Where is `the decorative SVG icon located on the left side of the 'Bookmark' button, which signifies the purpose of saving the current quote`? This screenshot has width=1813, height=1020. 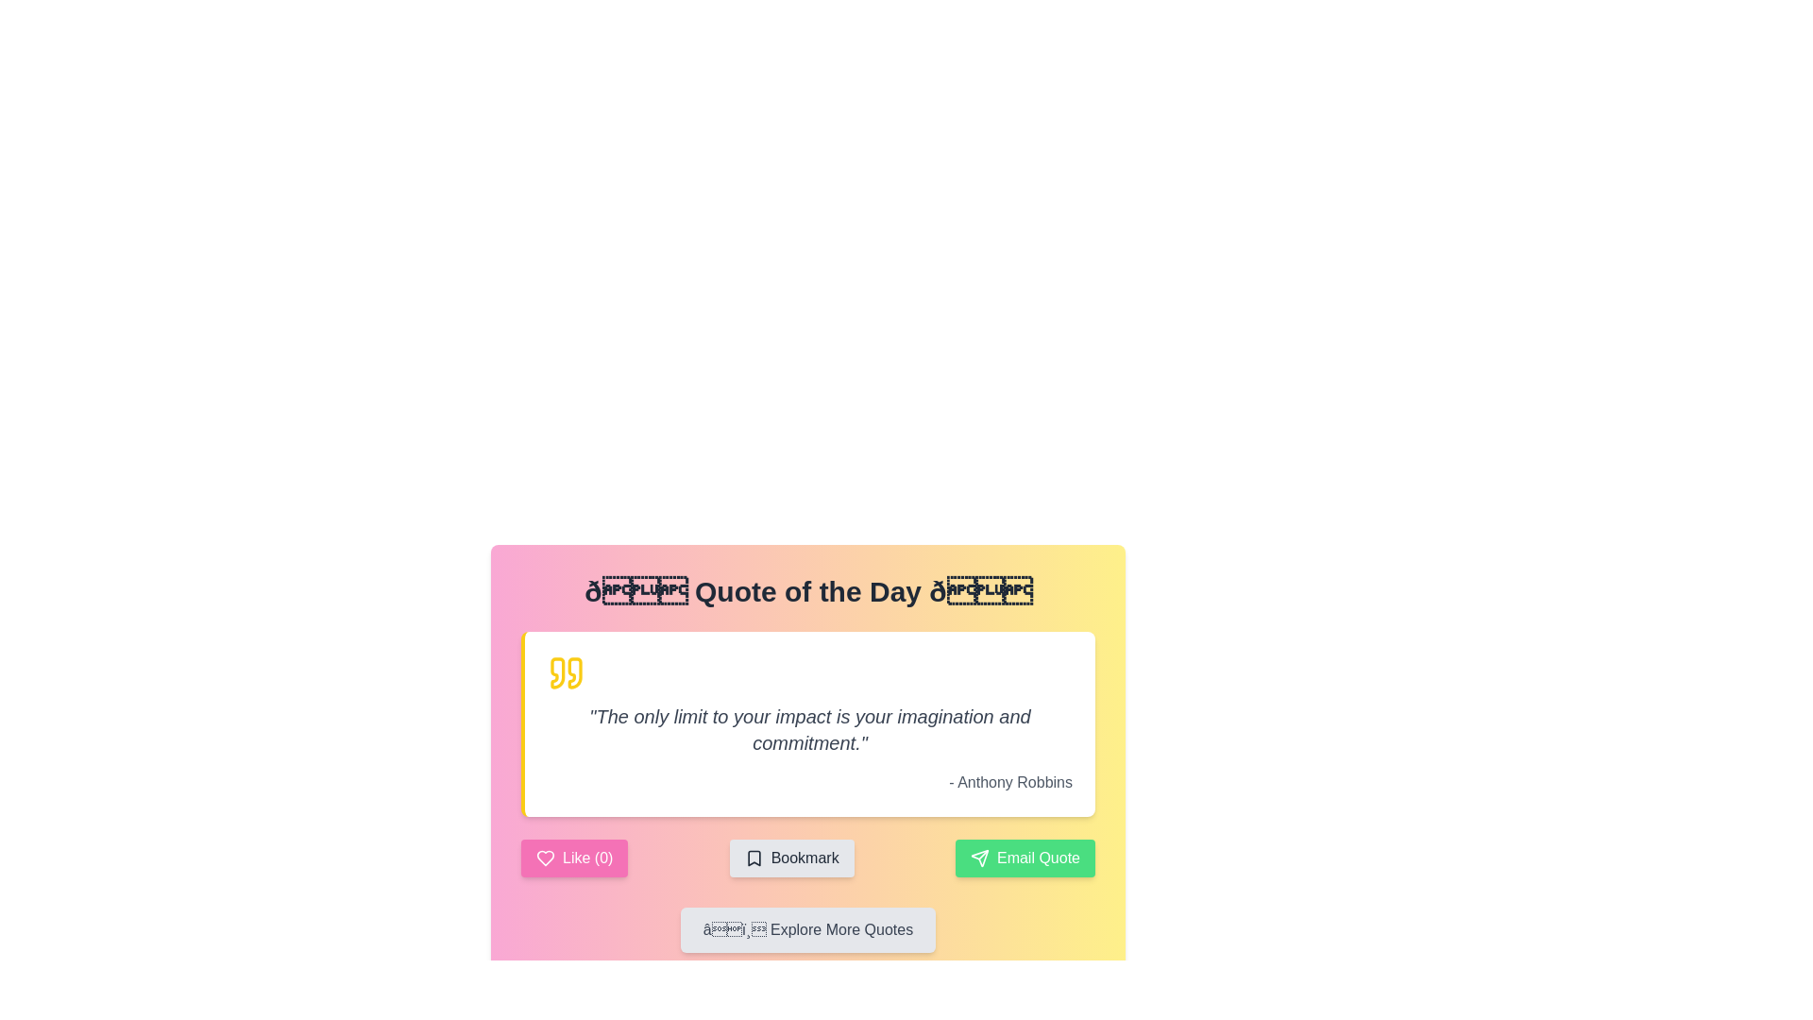
the decorative SVG icon located on the left side of the 'Bookmark' button, which signifies the purpose of saving the current quote is located at coordinates (753, 858).